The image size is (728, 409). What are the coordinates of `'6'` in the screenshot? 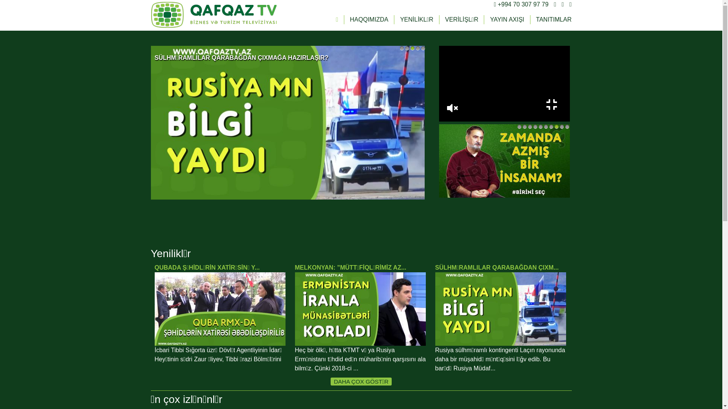 It's located at (546, 126).